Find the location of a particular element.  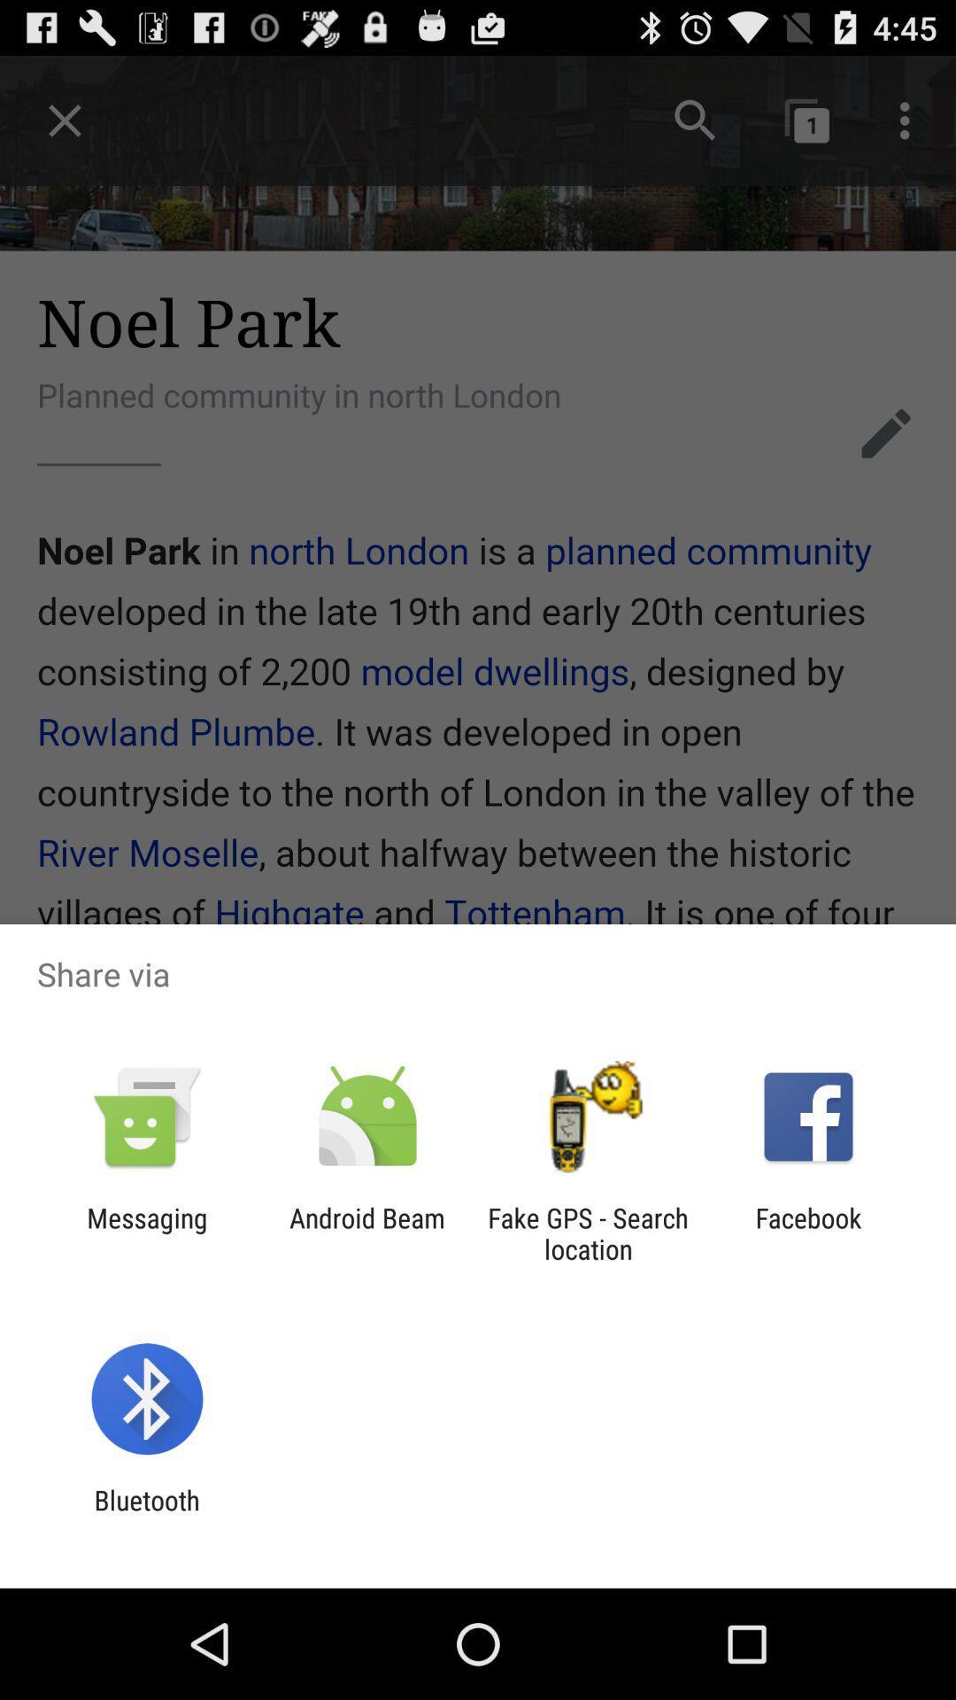

fake gps search icon is located at coordinates (588, 1232).